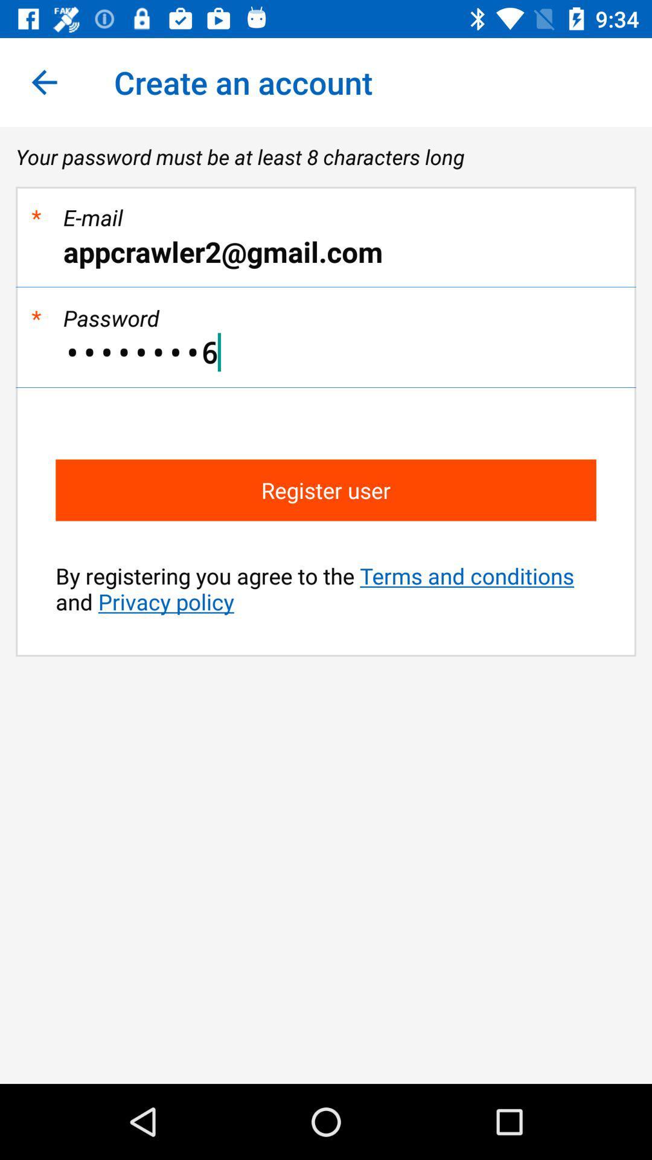 This screenshot has width=652, height=1160. I want to click on by registering you item, so click(326, 588).